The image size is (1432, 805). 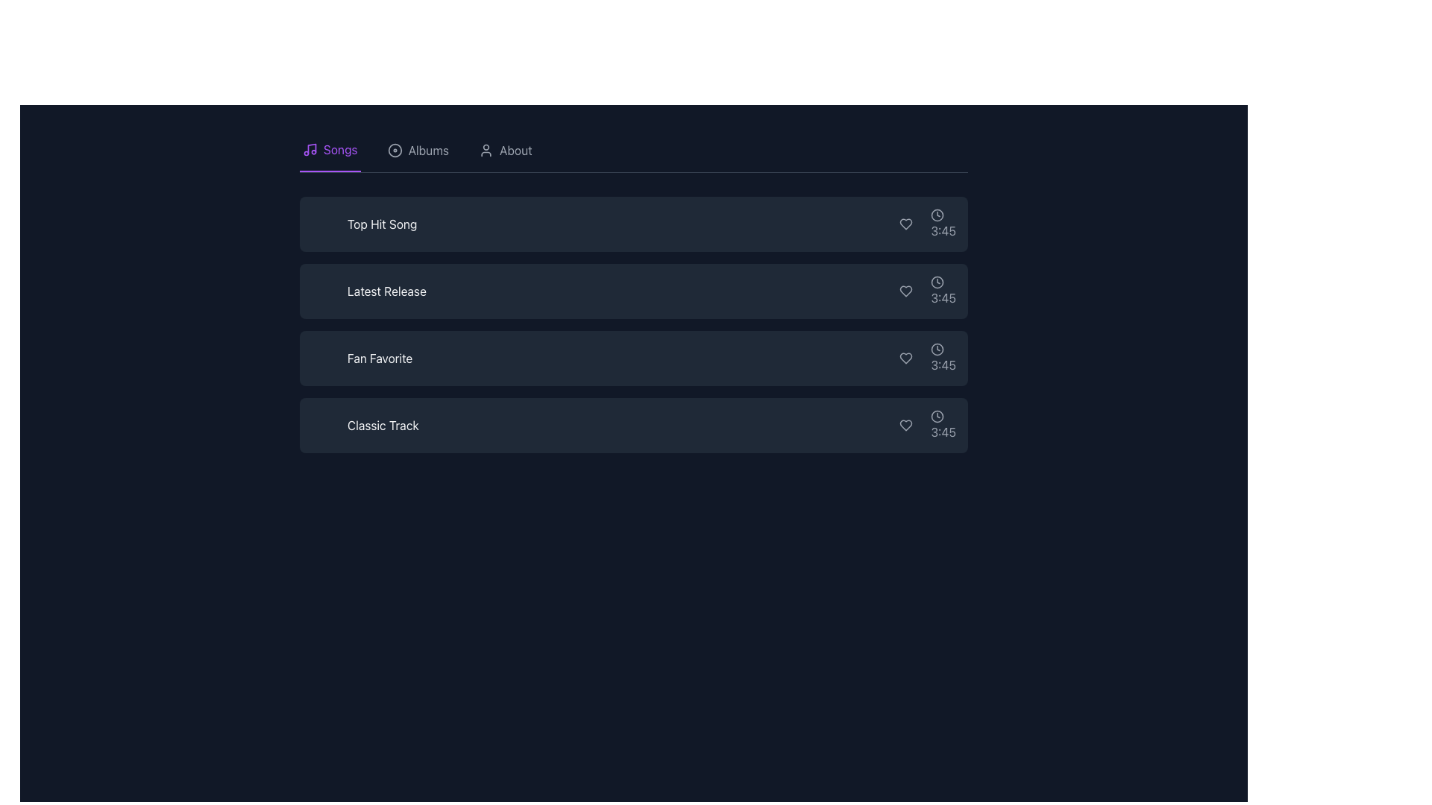 What do you see at coordinates (937, 350) in the screenshot?
I see `the SVG circle component of the clock icon located at the right end of the third list item in a vertically stacked group of items` at bounding box center [937, 350].